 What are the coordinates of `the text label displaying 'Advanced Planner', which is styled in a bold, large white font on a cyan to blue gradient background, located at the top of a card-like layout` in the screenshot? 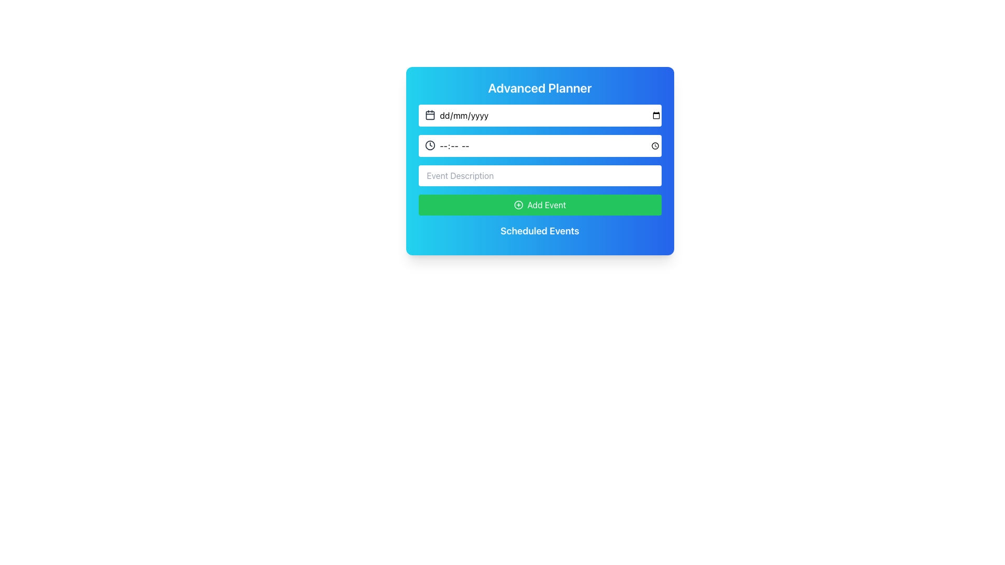 It's located at (540, 87).